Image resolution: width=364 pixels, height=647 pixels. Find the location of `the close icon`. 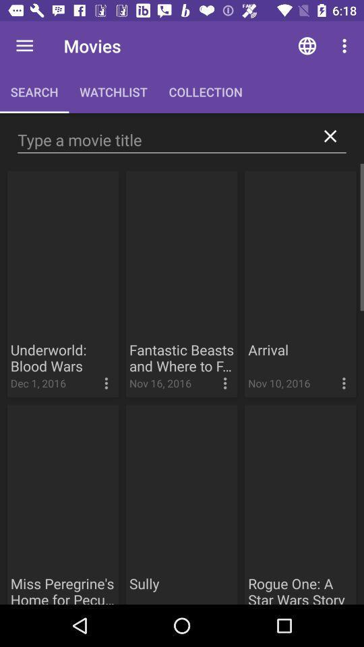

the close icon is located at coordinates (330, 136).